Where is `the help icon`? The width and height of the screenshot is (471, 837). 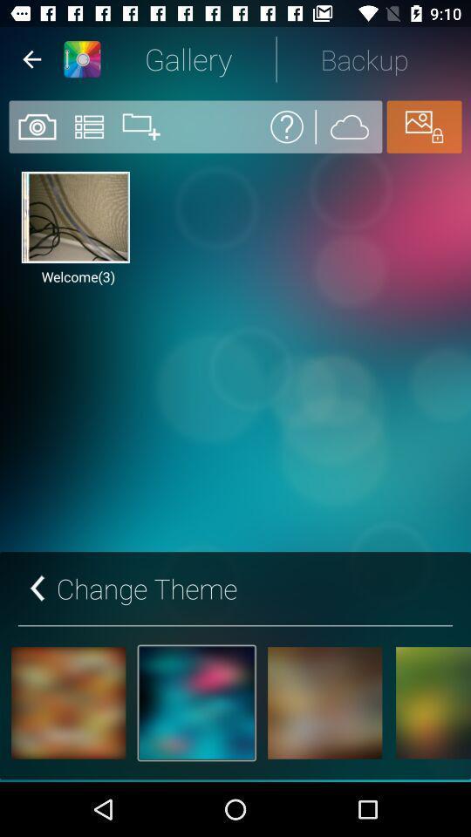
the help icon is located at coordinates (287, 126).